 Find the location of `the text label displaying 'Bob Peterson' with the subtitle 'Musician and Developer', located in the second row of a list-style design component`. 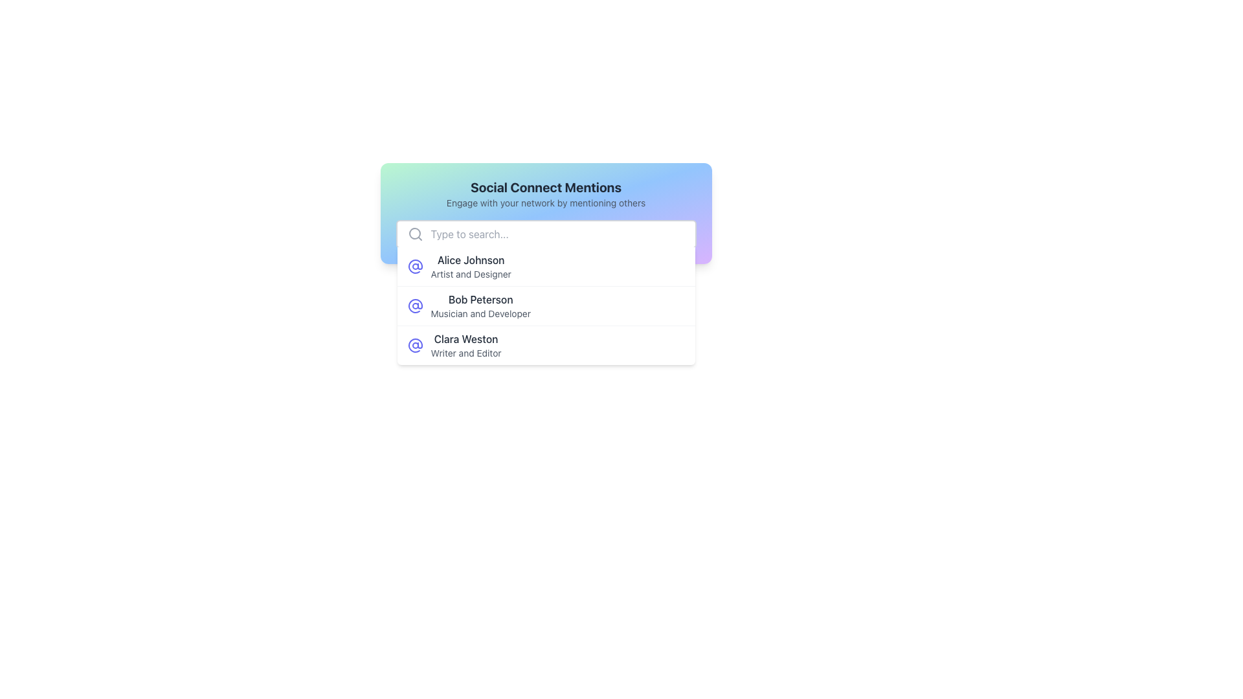

the text label displaying 'Bob Peterson' with the subtitle 'Musician and Developer', located in the second row of a list-style design component is located at coordinates (480, 306).